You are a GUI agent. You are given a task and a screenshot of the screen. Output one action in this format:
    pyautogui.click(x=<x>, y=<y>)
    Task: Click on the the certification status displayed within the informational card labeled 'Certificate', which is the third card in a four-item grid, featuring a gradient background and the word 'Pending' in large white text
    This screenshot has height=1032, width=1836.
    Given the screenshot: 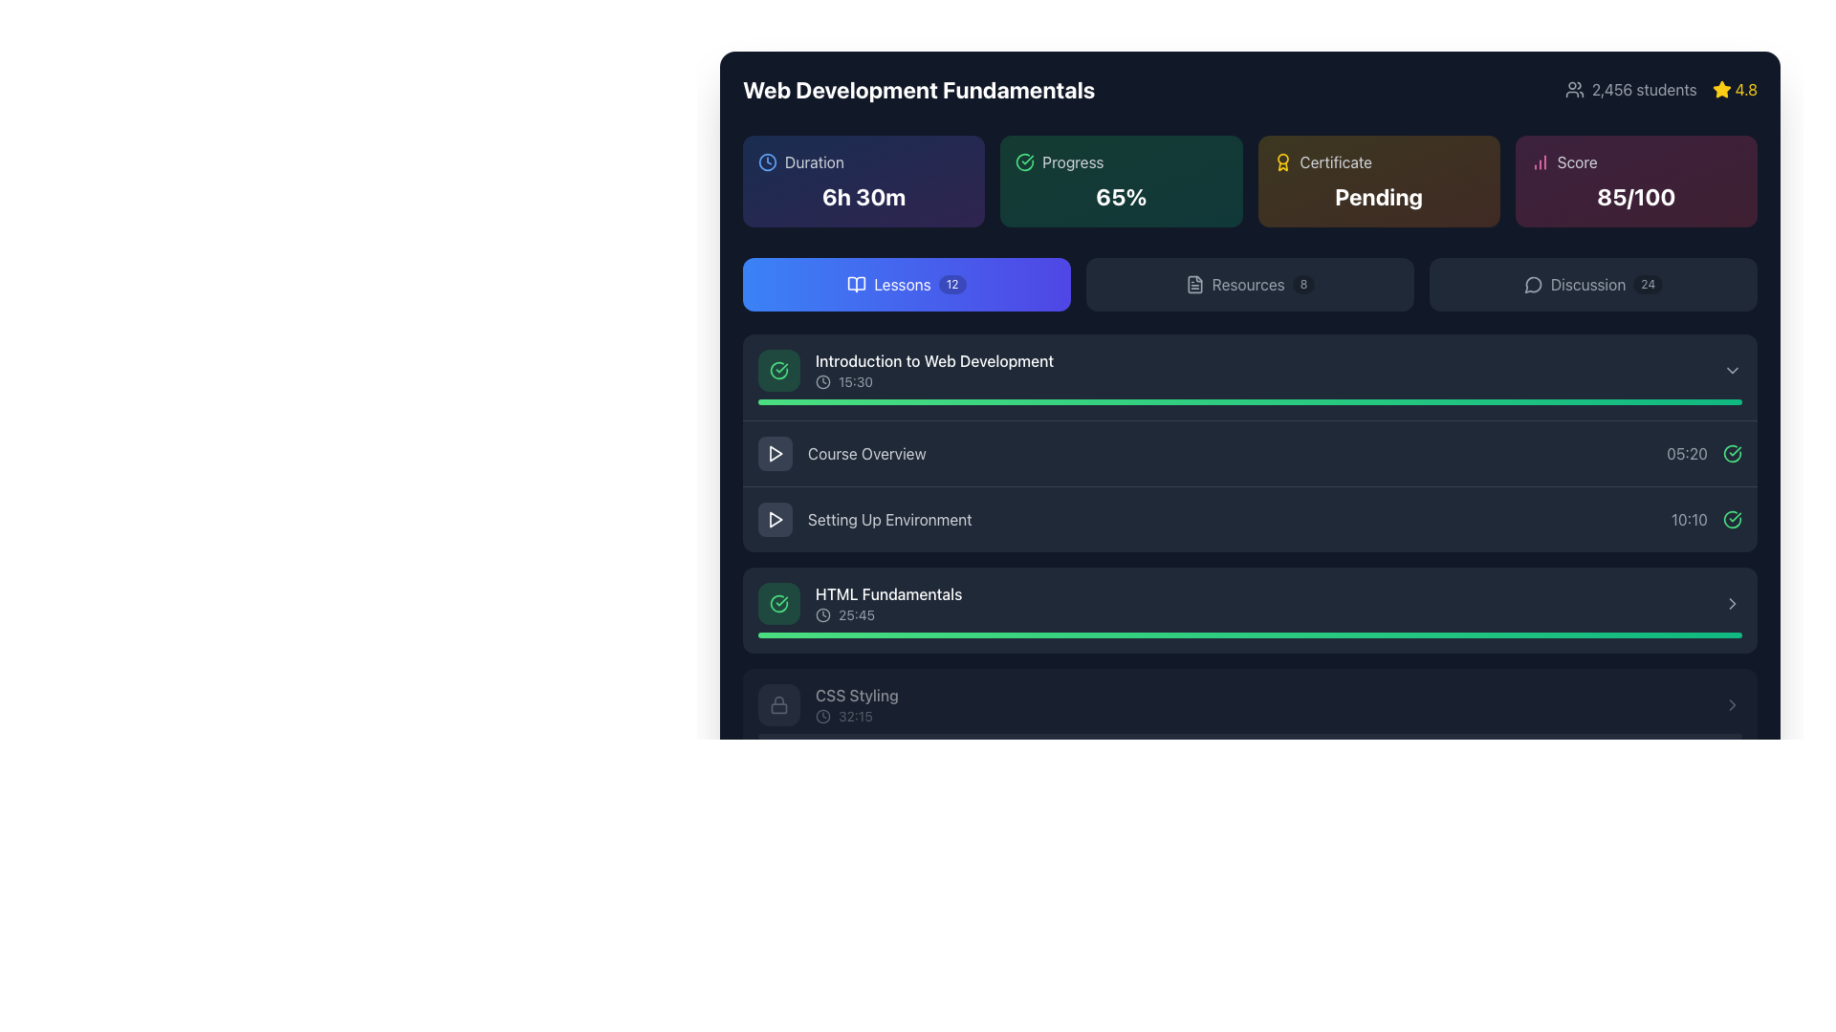 What is the action you would take?
    pyautogui.click(x=1379, y=181)
    